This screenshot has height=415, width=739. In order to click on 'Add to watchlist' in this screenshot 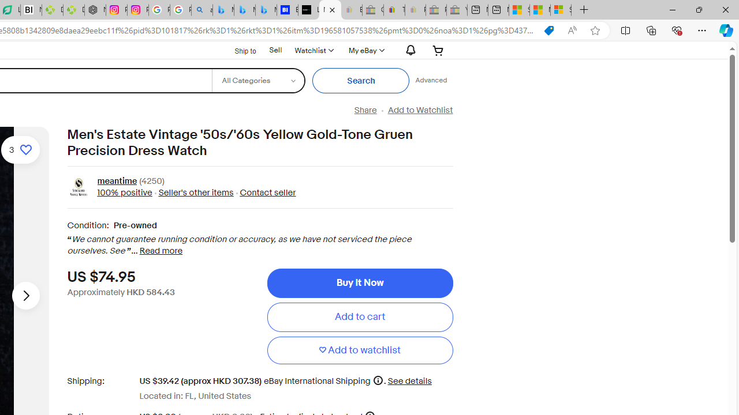, I will do `click(359, 349)`.